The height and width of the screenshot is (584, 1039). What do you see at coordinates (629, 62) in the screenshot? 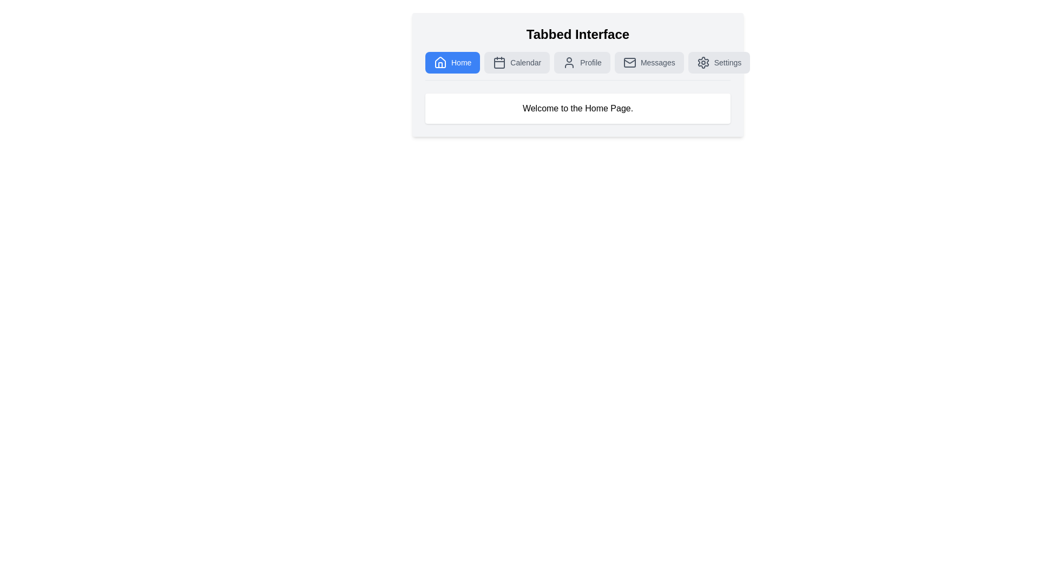
I see `main body of the envelope icon within the 'Messages' tab, which is represented by the Vector graphic rectangle` at bounding box center [629, 62].